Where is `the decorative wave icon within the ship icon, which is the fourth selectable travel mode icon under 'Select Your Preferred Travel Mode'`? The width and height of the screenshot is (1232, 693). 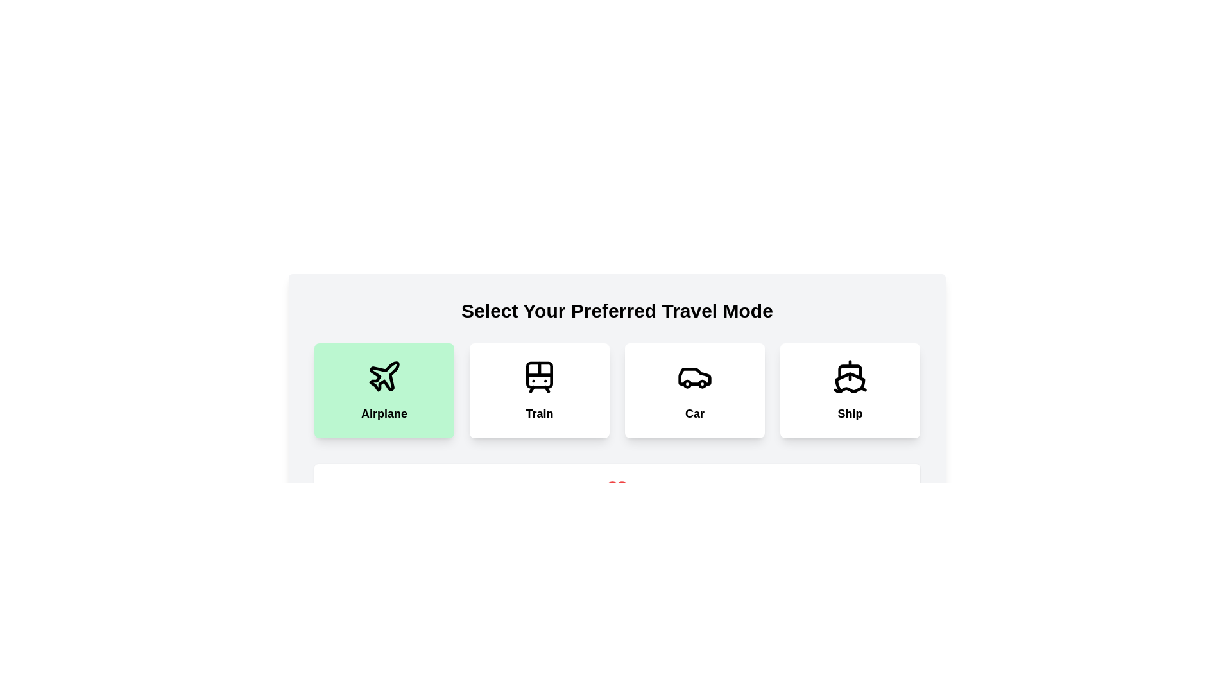
the decorative wave icon within the ship icon, which is the fourth selectable travel mode icon under 'Select Your Preferred Travel Mode' is located at coordinates (850, 389).